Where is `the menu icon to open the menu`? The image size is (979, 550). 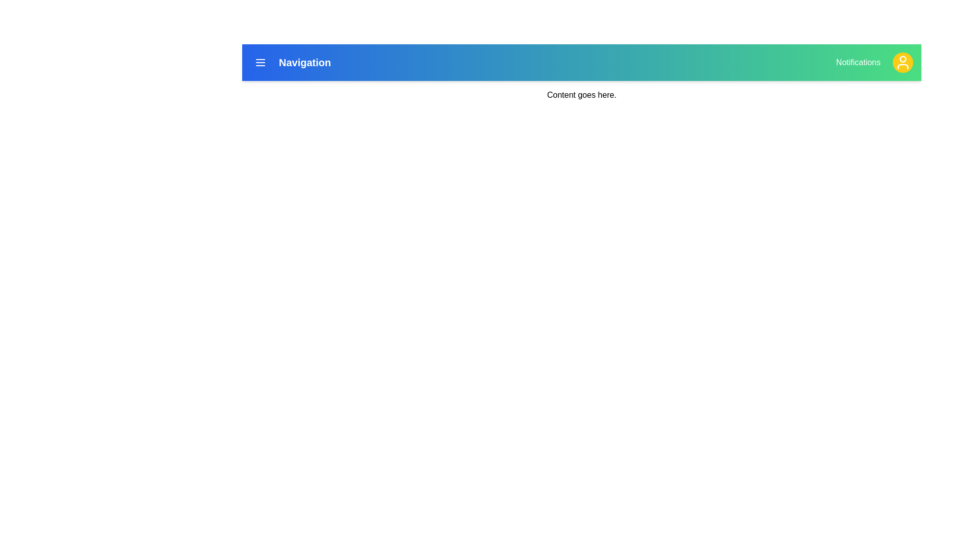
the menu icon to open the menu is located at coordinates (260, 63).